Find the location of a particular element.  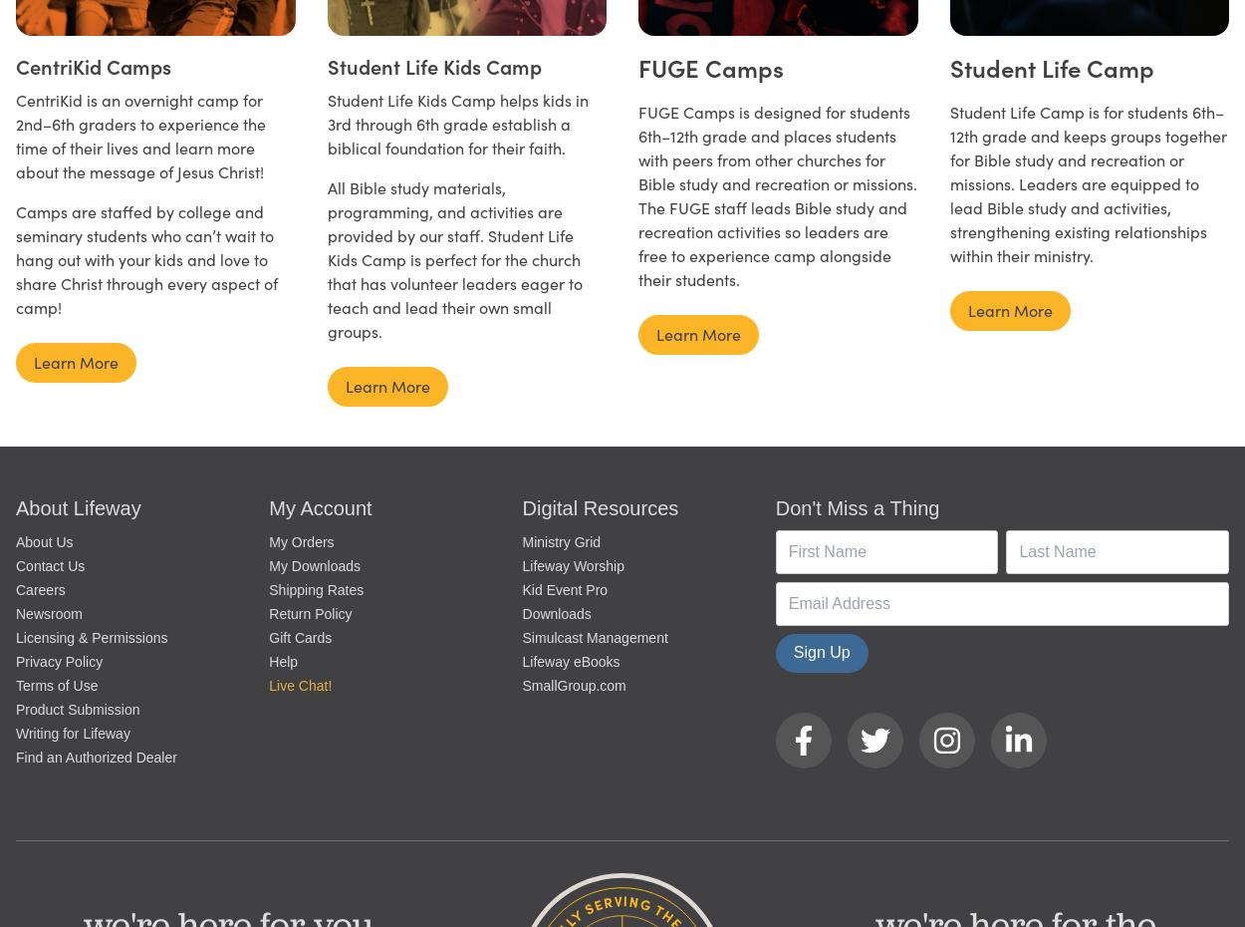

'My Downloads' is located at coordinates (314, 565).